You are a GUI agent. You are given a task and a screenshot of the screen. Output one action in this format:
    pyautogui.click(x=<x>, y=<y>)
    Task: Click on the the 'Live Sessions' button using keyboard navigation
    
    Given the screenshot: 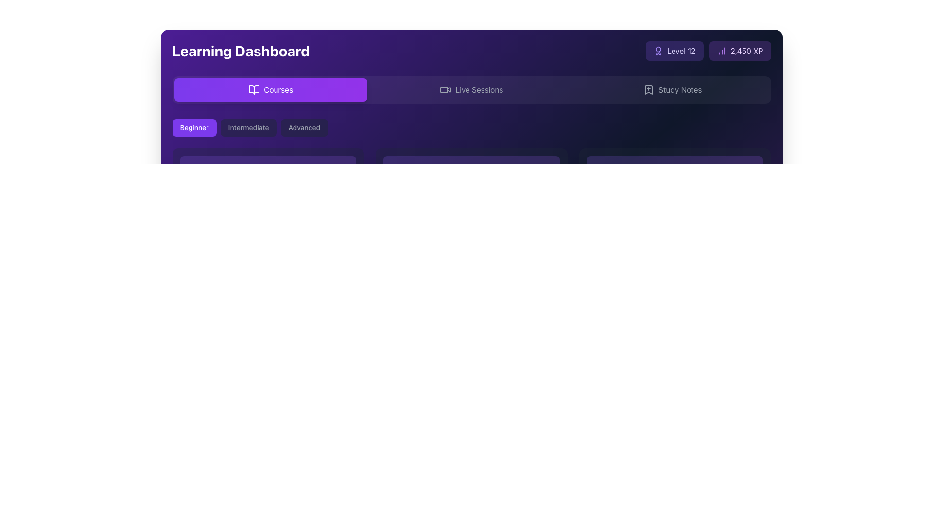 What is the action you would take?
    pyautogui.click(x=471, y=90)
    